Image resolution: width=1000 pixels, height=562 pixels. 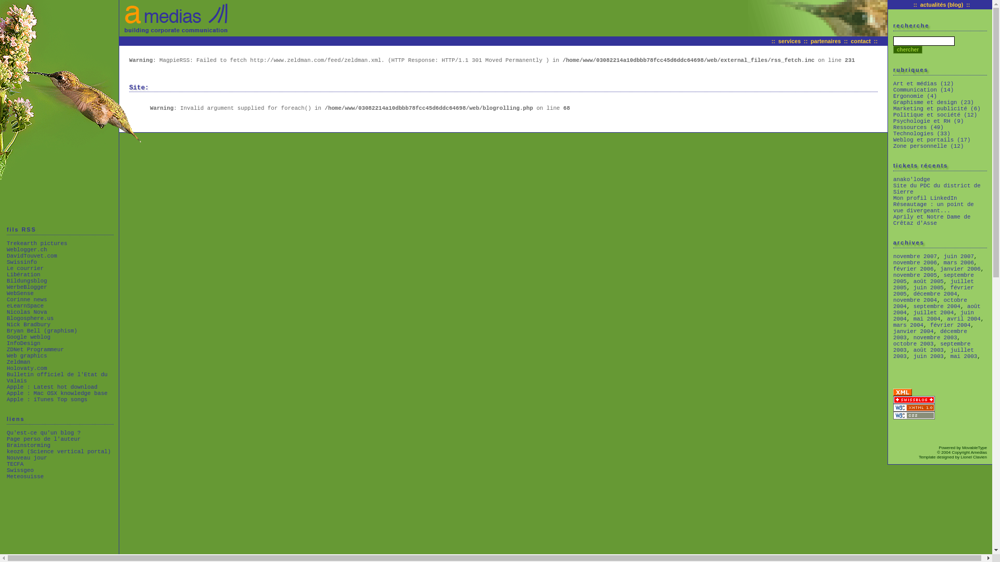 What do you see at coordinates (42, 331) in the screenshot?
I see `'Bryan Bell (graphism)'` at bounding box center [42, 331].